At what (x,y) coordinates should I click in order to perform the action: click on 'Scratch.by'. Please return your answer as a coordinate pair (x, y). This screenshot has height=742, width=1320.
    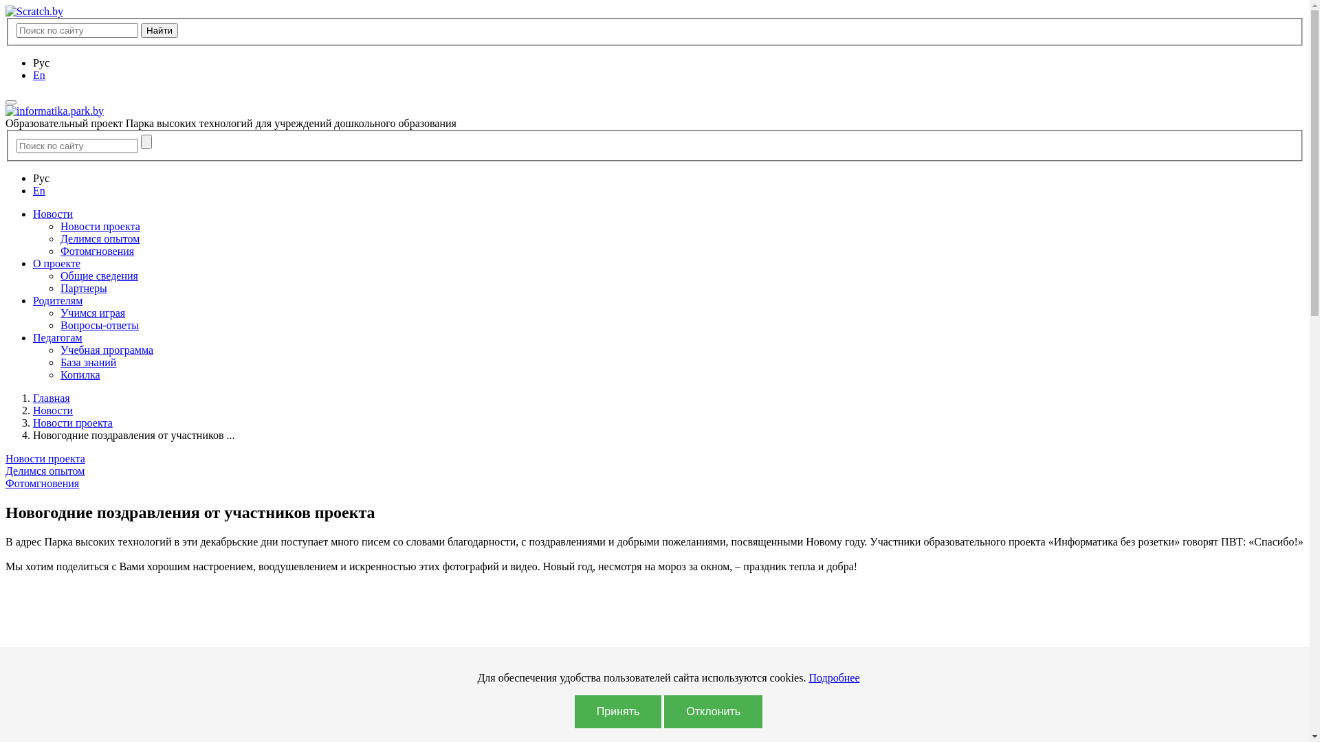
    Looking at the image, I should click on (34, 11).